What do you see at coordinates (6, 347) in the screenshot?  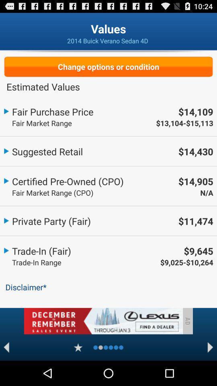 I see `go back` at bounding box center [6, 347].